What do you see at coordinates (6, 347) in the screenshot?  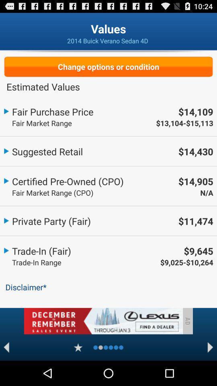 I see `go back` at bounding box center [6, 347].